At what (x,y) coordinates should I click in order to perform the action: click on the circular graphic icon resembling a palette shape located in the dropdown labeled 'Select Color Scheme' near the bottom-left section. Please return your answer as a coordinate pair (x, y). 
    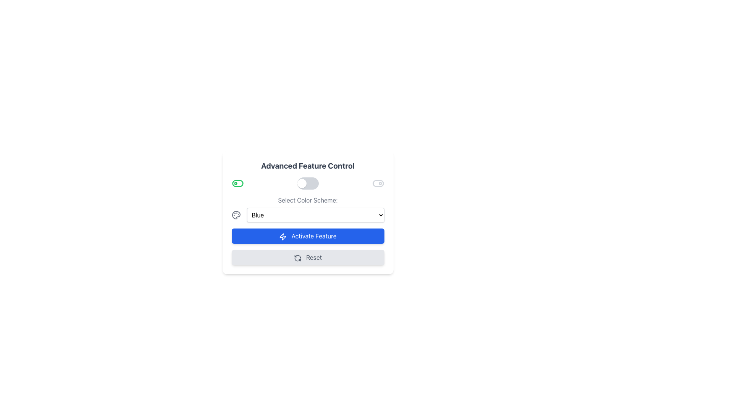
    Looking at the image, I should click on (236, 215).